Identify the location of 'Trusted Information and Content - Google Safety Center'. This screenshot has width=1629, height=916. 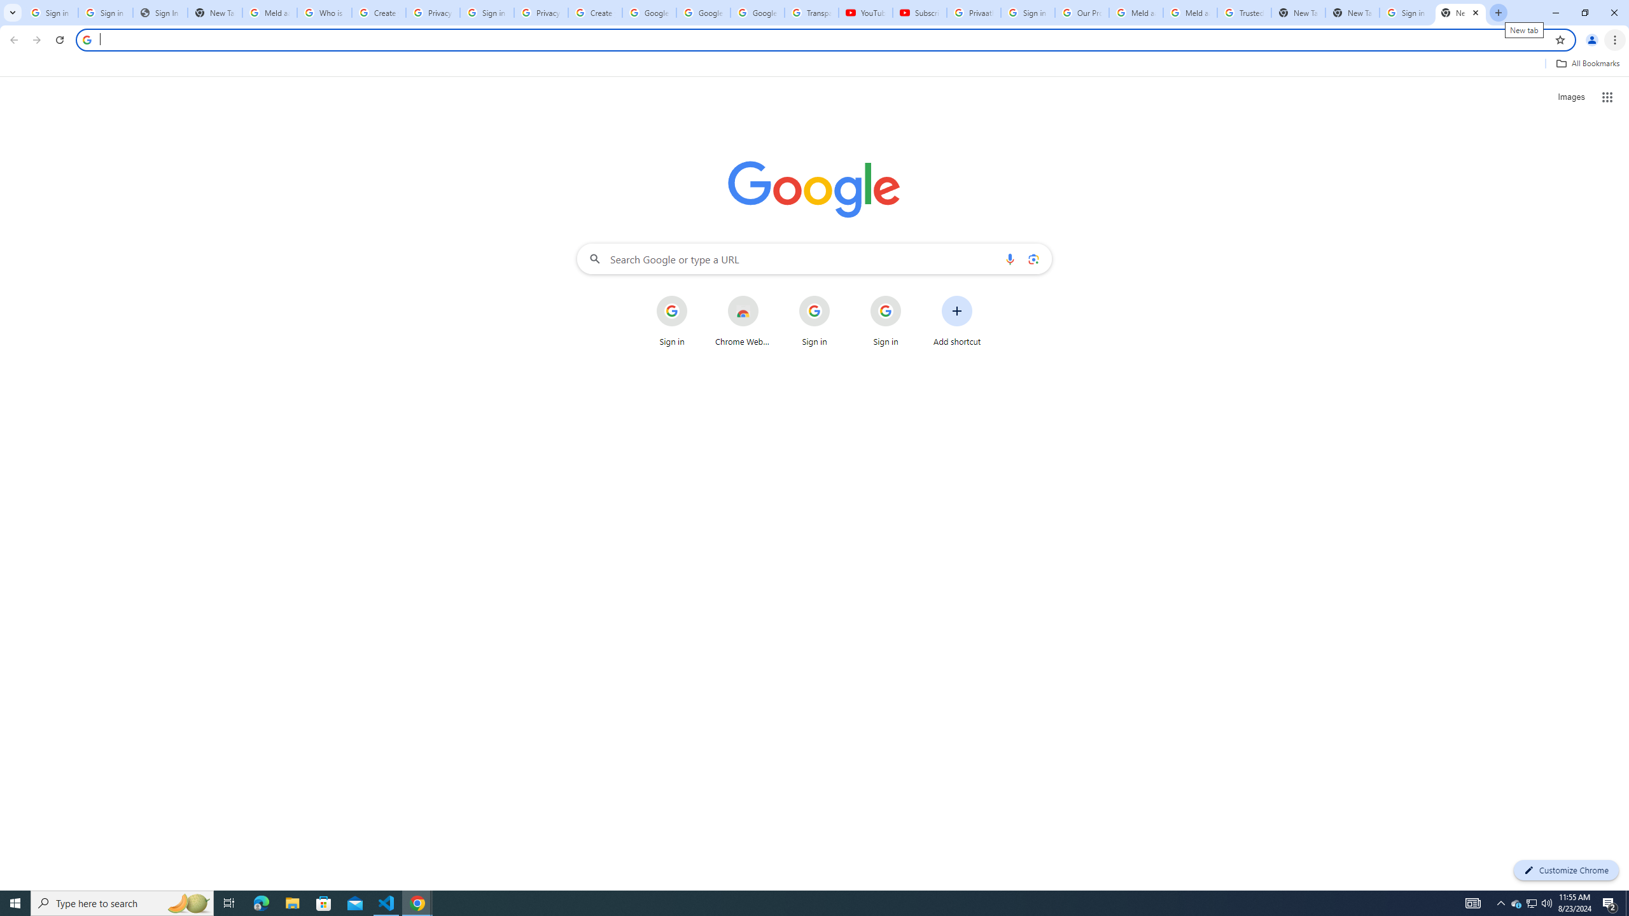
(1243, 12).